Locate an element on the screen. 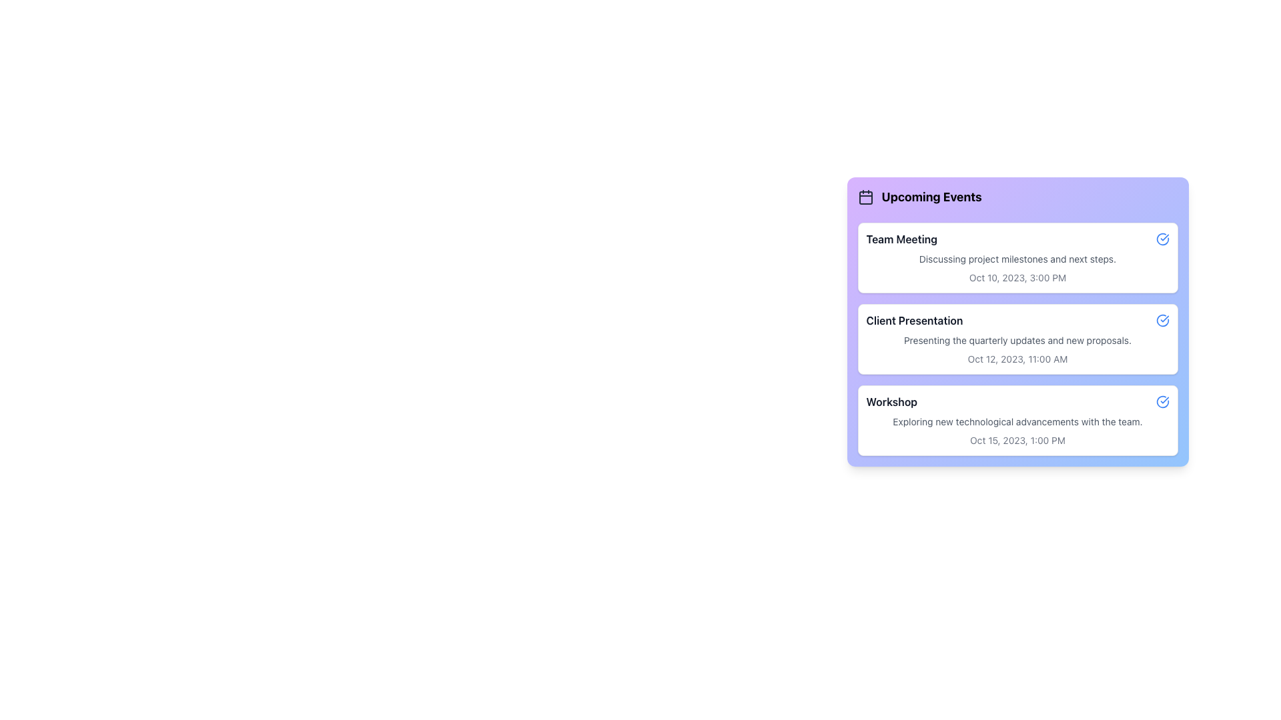 The image size is (1281, 720). the confirmation icon button located at the far right of the 'Workshop' event entry in the 'Upcoming Events' section is located at coordinates (1162, 401).